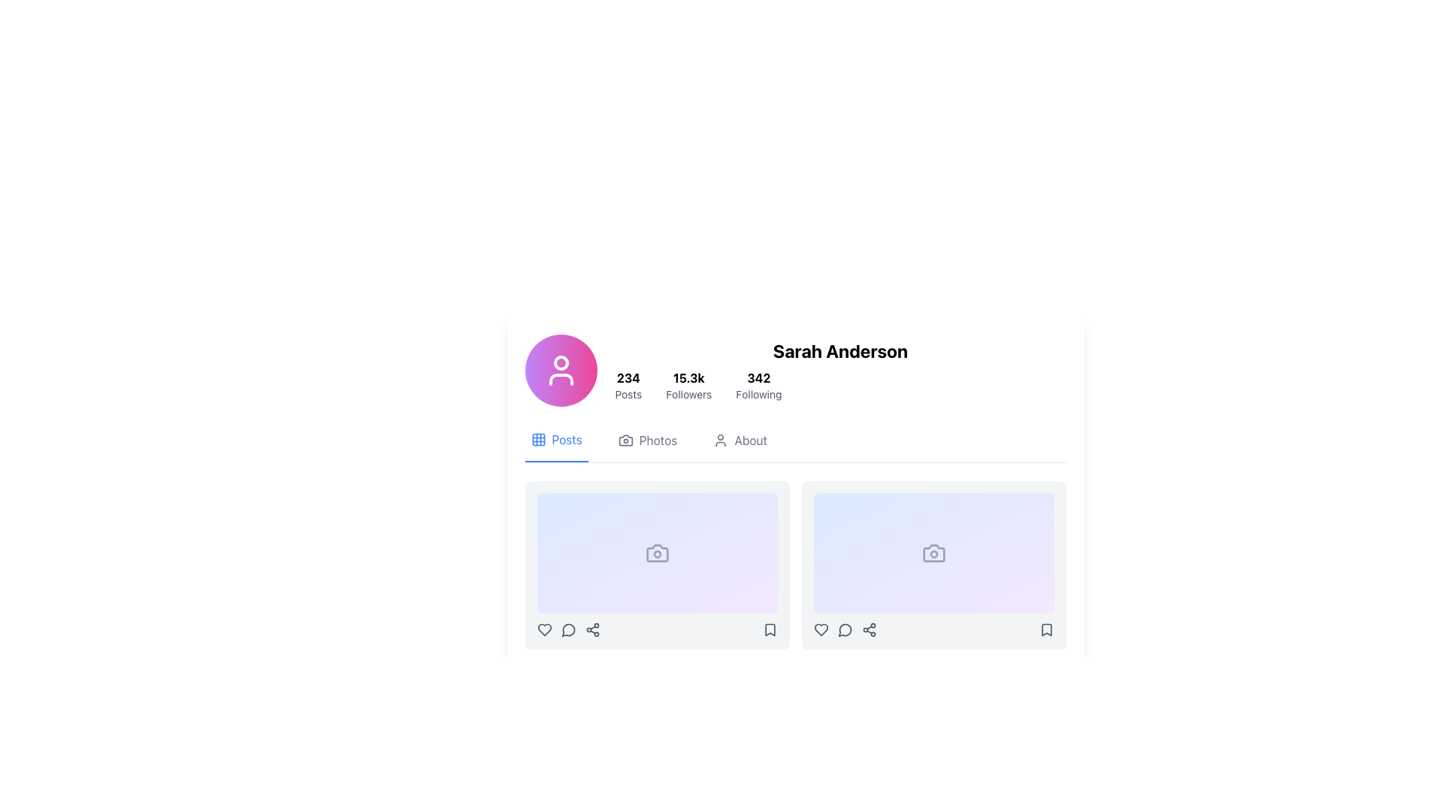  What do you see at coordinates (820, 629) in the screenshot?
I see `the heart icon button located under the second post's preview image to like or unlike the post` at bounding box center [820, 629].